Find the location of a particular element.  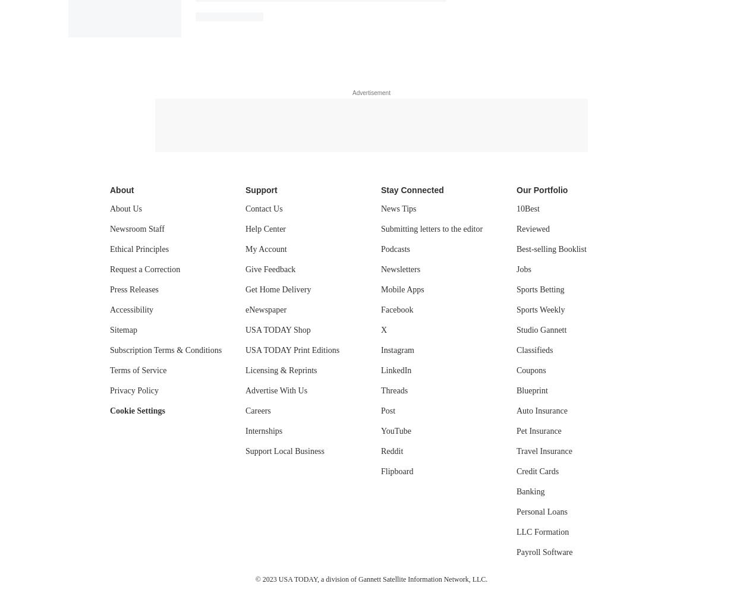

'Subscription Terms & Conditions' is located at coordinates (110, 349).